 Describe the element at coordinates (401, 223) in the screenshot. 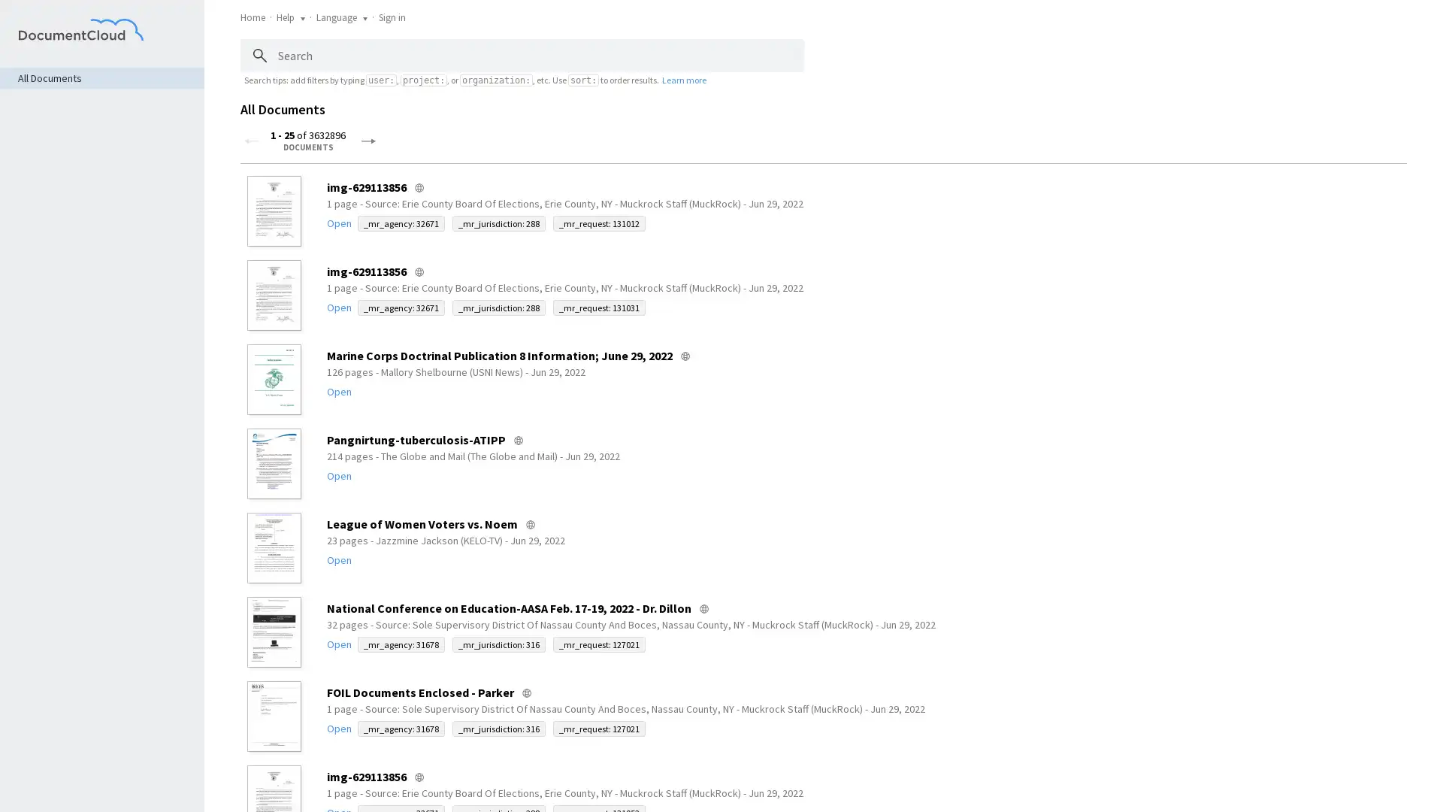

I see `_mr_agency: 32671` at that location.